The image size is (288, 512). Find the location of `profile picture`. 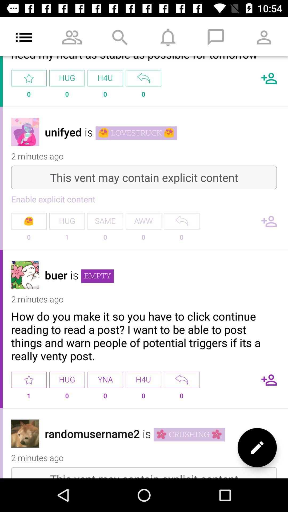

profile picture is located at coordinates (25, 275).